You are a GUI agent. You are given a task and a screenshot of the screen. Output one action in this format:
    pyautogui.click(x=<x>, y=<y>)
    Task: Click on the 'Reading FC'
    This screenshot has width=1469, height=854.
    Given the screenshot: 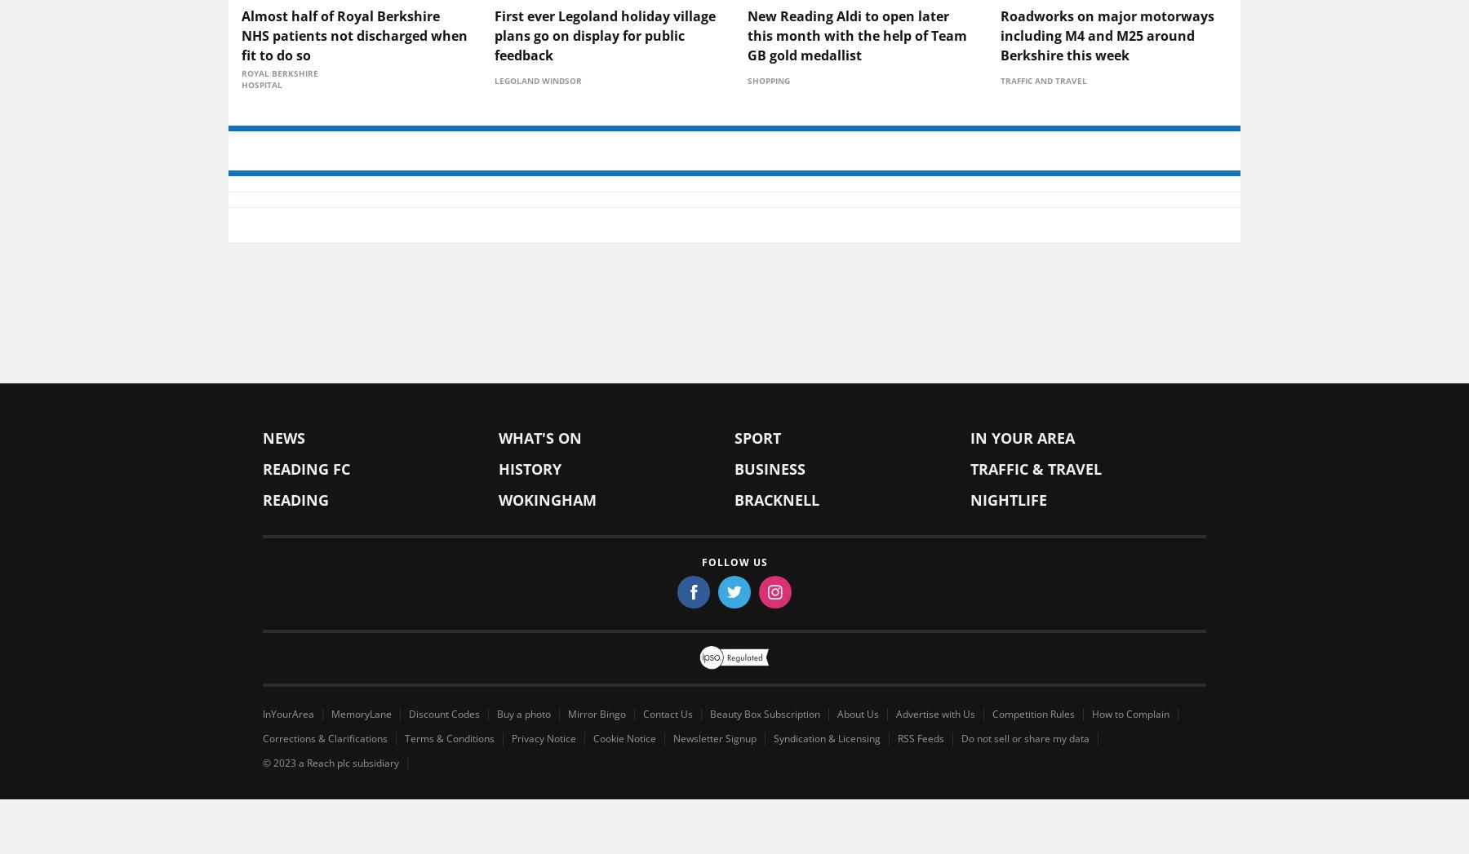 What is the action you would take?
    pyautogui.click(x=306, y=599)
    